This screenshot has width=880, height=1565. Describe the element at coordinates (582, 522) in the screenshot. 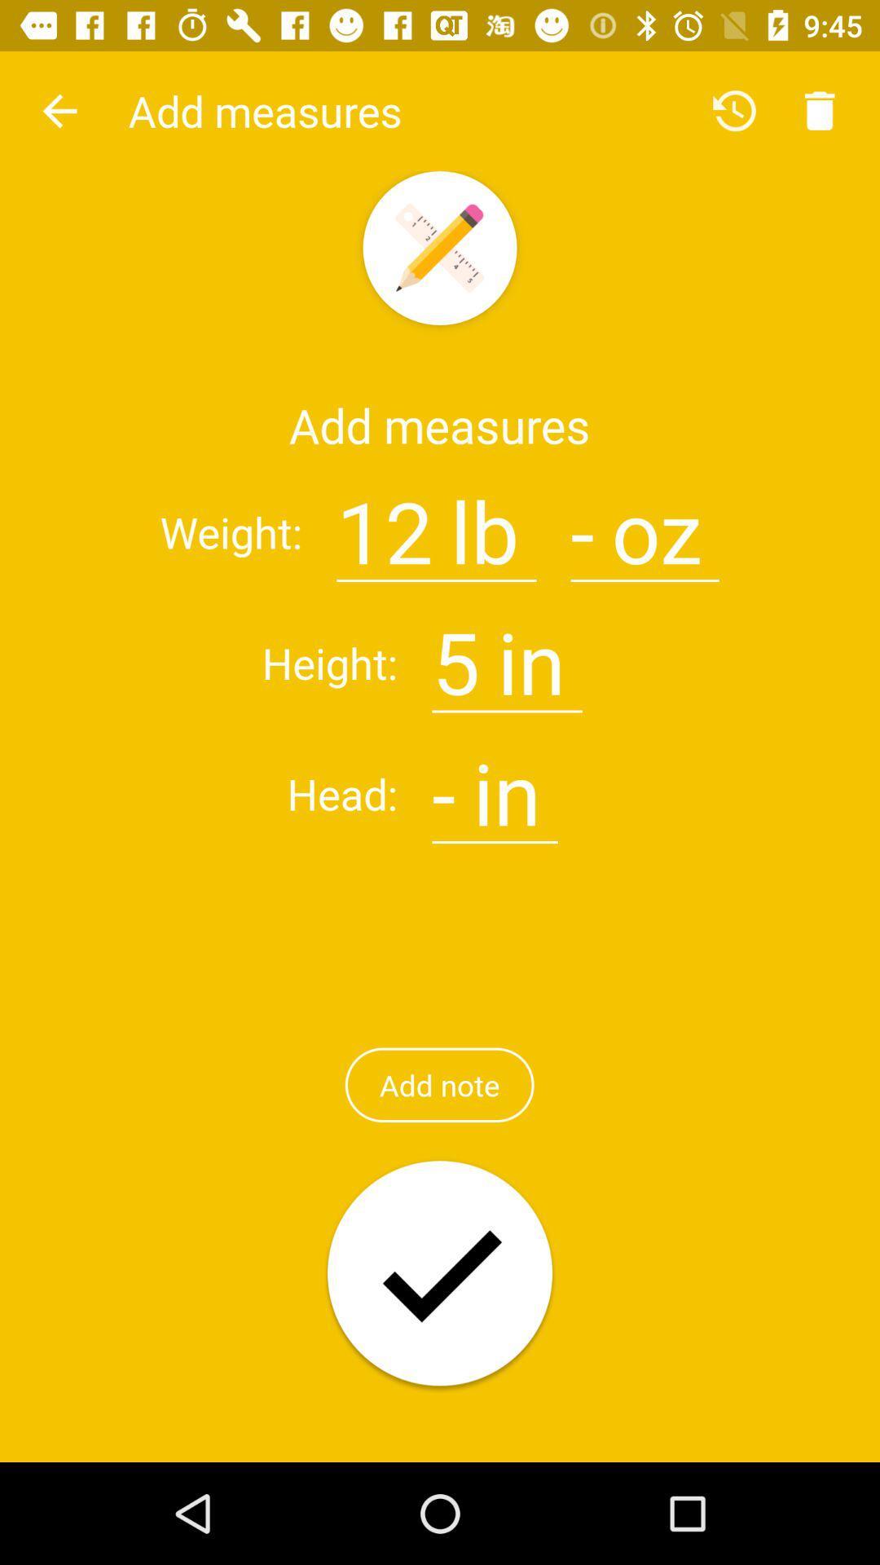

I see `weight` at that location.